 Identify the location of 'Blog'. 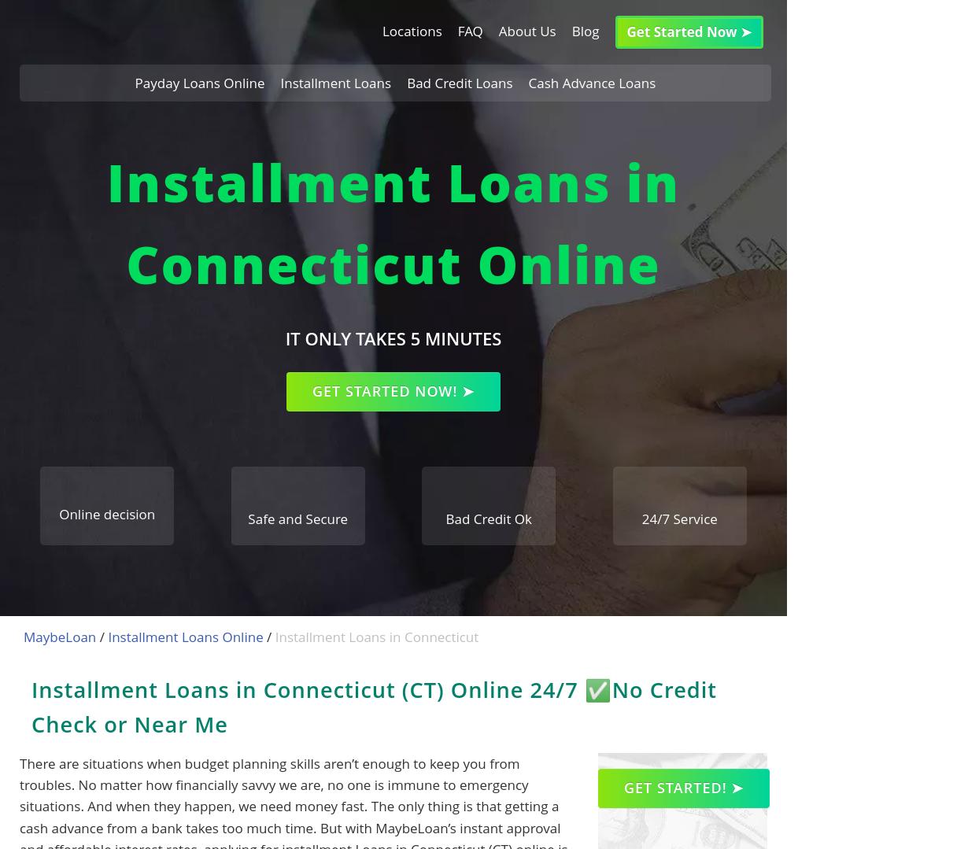
(571, 30).